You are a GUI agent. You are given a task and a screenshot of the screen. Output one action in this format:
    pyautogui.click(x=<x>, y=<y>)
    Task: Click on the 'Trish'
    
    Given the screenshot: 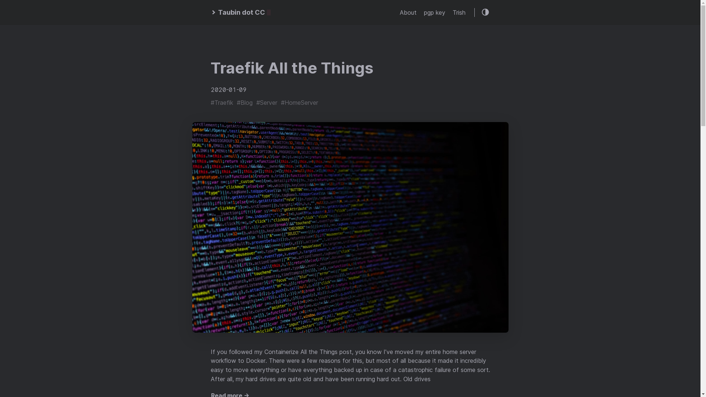 What is the action you would take?
    pyautogui.click(x=458, y=12)
    